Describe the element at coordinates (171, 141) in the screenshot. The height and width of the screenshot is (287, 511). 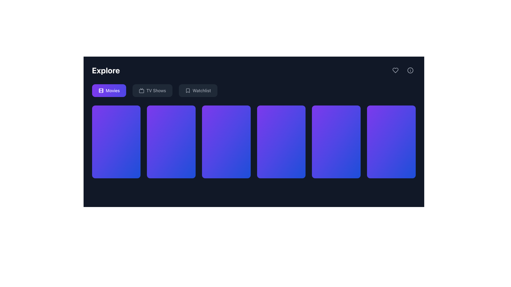
I see `the second gradient card/tile in the top row of a grid layout, which is filled with a purple to blue gradient and has rounded corners` at that location.